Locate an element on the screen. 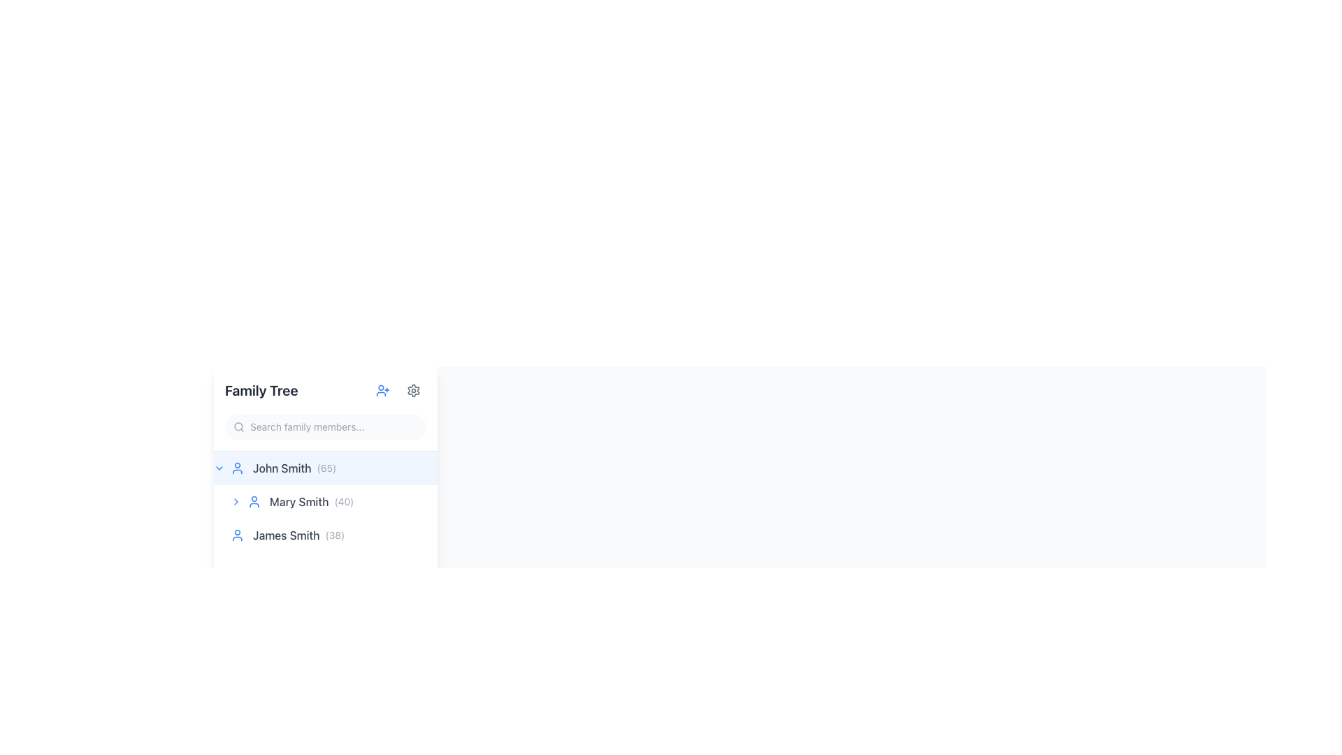  the search input field located below the 'Family Tree' header, which features a gray magnifying glass icon and a placeholder saying 'Search family members...' is located at coordinates (324, 426).